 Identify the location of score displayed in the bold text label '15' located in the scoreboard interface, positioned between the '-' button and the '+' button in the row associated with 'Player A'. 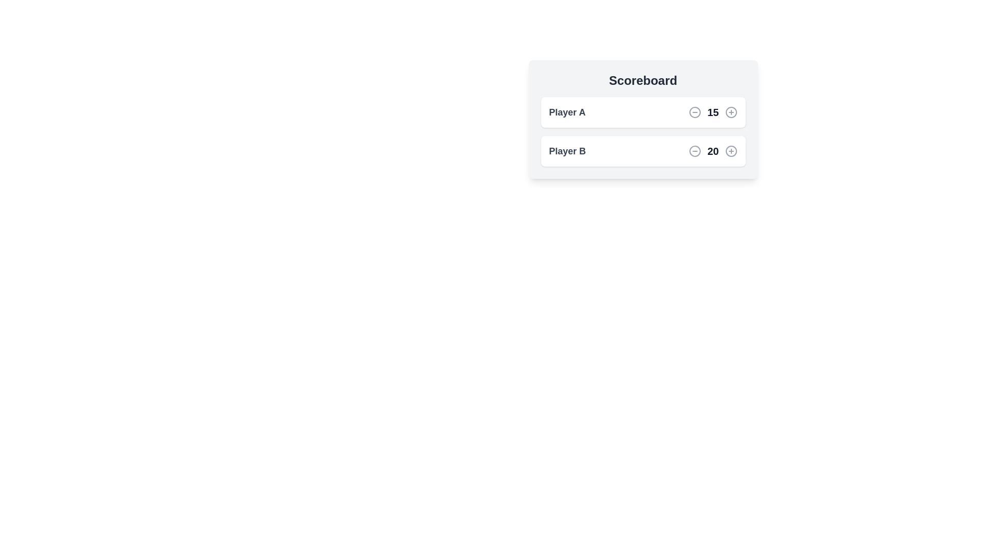
(712, 112).